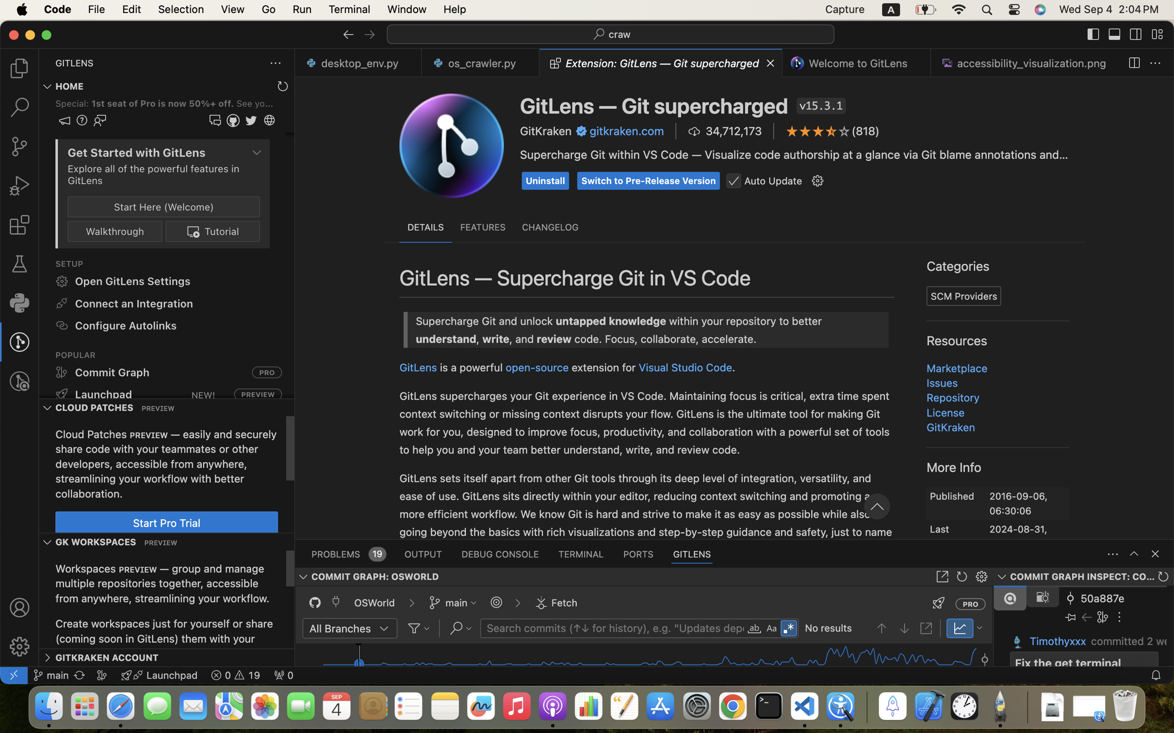 The height and width of the screenshot is (733, 1174). Describe the element at coordinates (1114, 34) in the screenshot. I see `''` at that location.